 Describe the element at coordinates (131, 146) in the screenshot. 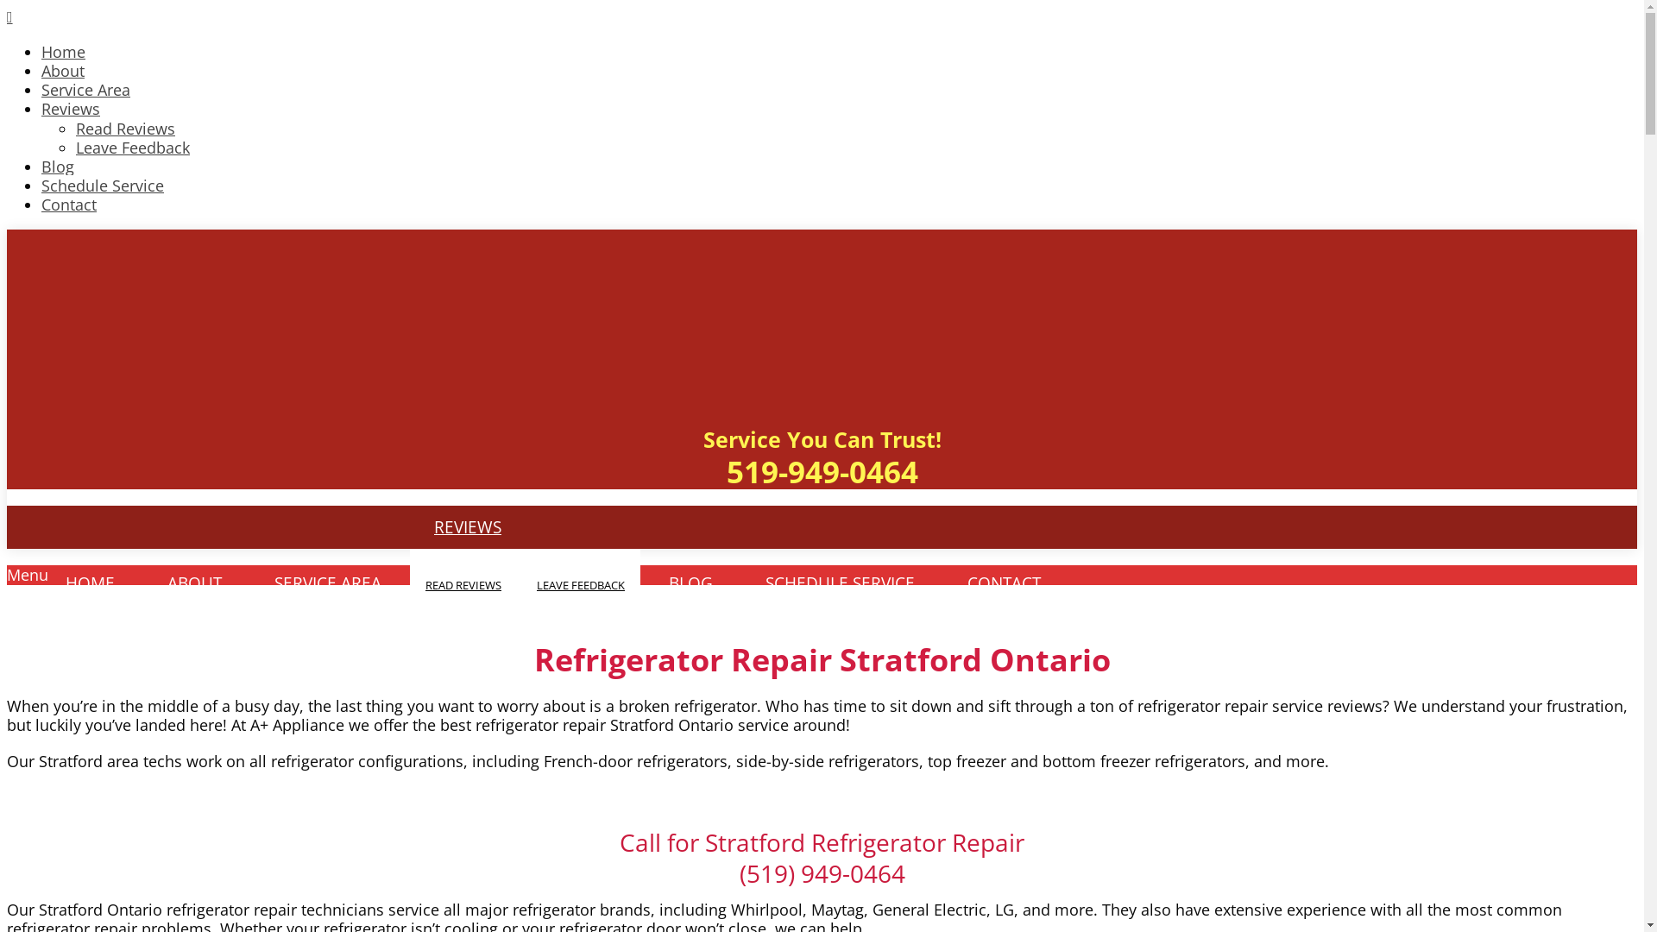

I see `'Leave Feedback'` at that location.